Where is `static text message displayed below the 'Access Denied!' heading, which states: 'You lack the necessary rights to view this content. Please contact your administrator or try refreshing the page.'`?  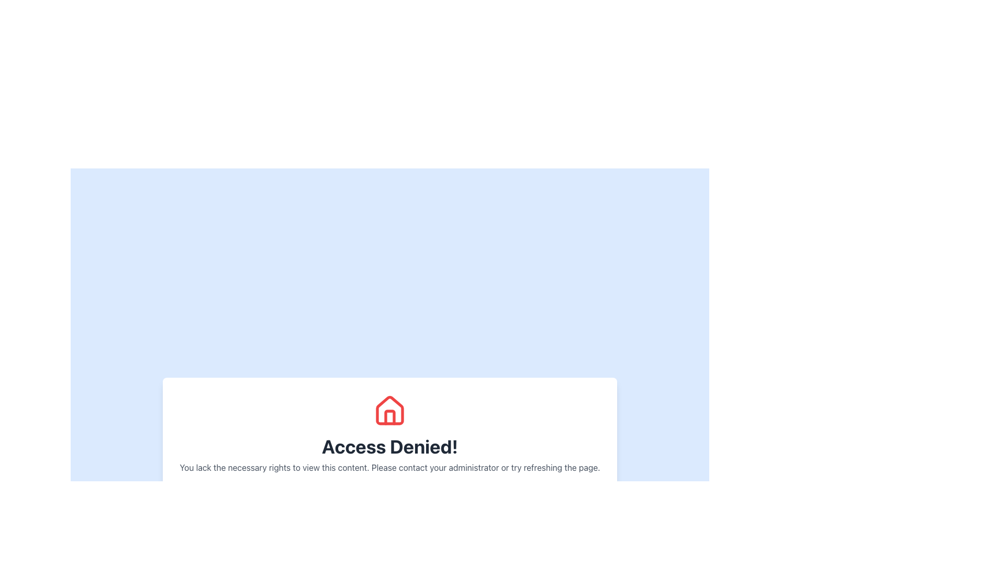 static text message displayed below the 'Access Denied!' heading, which states: 'You lack the necessary rights to view this content. Please contact your administrator or try refreshing the page.' is located at coordinates (389, 467).